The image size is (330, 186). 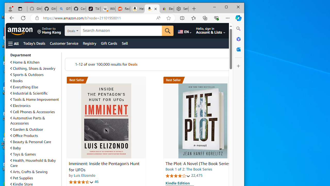 I want to click on 'Sell', so click(x=125, y=43).